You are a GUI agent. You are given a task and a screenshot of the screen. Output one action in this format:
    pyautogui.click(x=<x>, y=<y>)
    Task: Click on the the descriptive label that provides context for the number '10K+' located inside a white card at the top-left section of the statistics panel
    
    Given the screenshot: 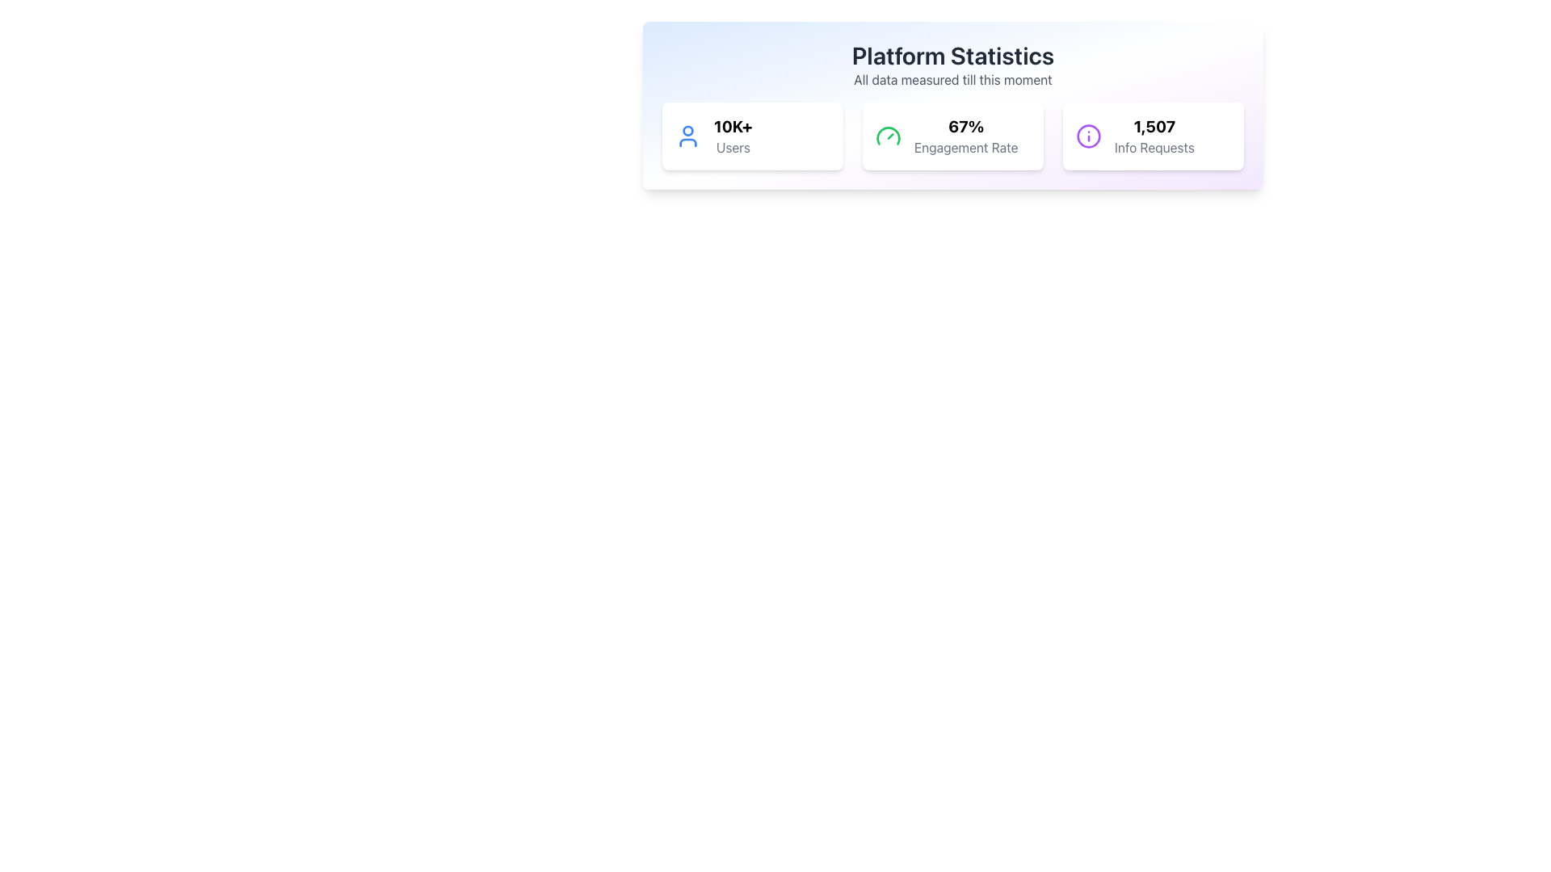 What is the action you would take?
    pyautogui.click(x=732, y=147)
    